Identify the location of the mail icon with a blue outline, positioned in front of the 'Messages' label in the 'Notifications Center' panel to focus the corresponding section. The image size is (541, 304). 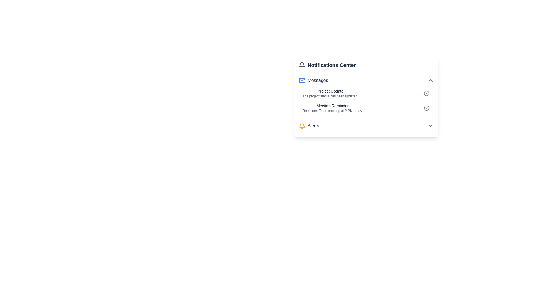
(301, 80).